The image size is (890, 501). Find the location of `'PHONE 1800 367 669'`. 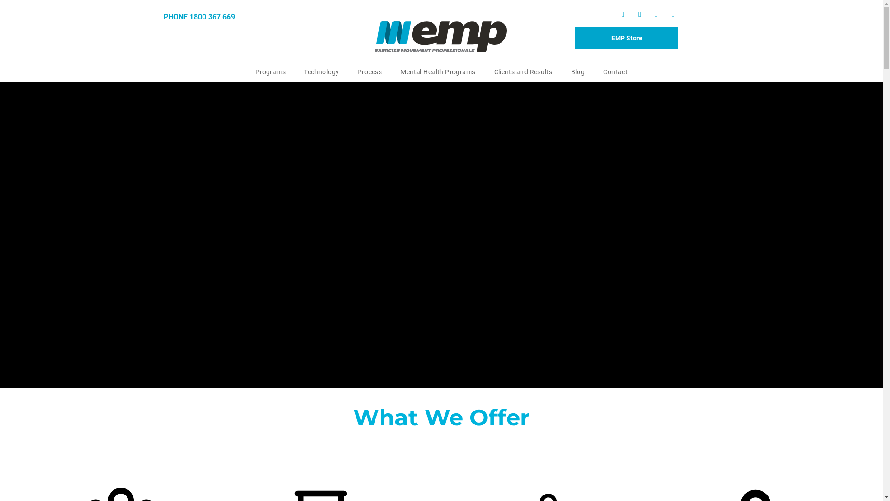

'PHONE 1800 367 669' is located at coordinates (163, 17).